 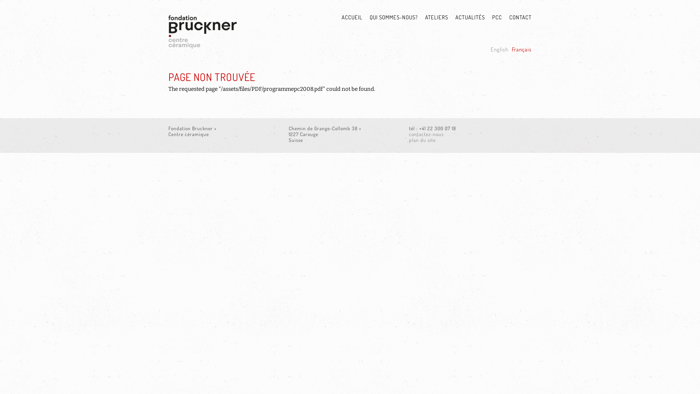 What do you see at coordinates (348, 18) in the screenshot?
I see `'ACCUEIL'` at bounding box center [348, 18].